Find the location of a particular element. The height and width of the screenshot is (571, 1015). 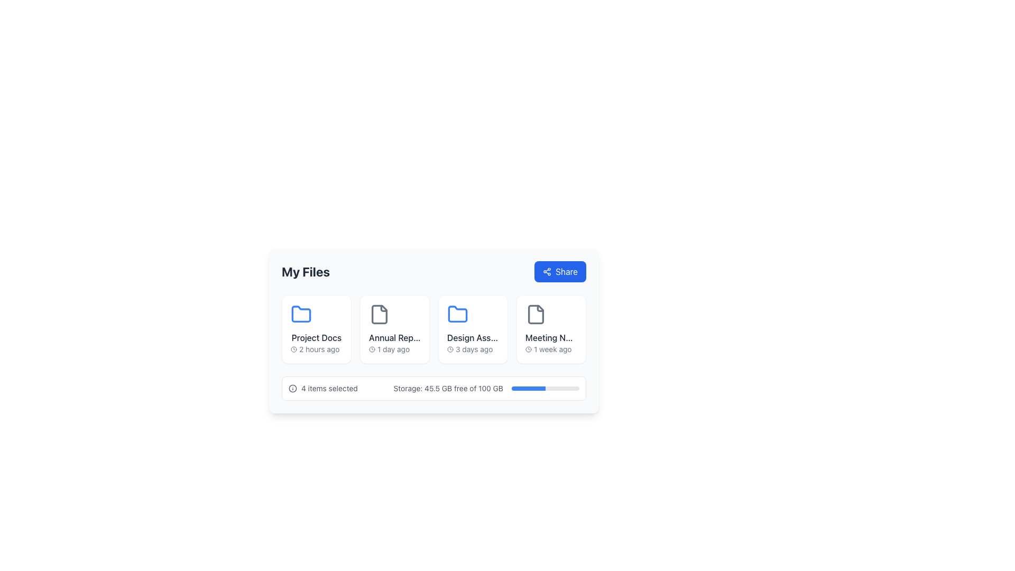

the file icon with a gray outline located at the top-right of the 'Meeting Notes' section in the file display grid is located at coordinates (536, 314).